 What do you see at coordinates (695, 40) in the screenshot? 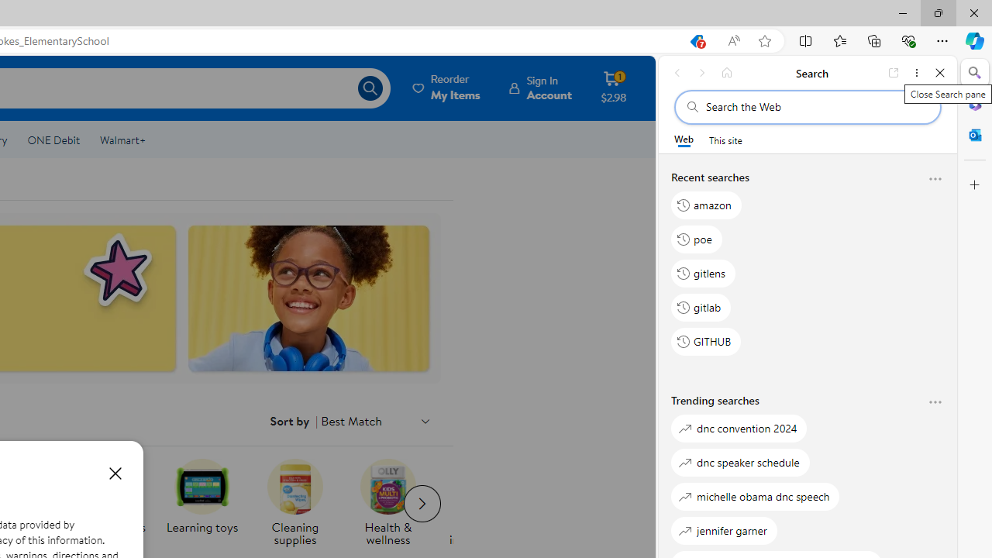
I see `'This site has coupons! Shopping in Microsoft Edge, 7'` at bounding box center [695, 40].